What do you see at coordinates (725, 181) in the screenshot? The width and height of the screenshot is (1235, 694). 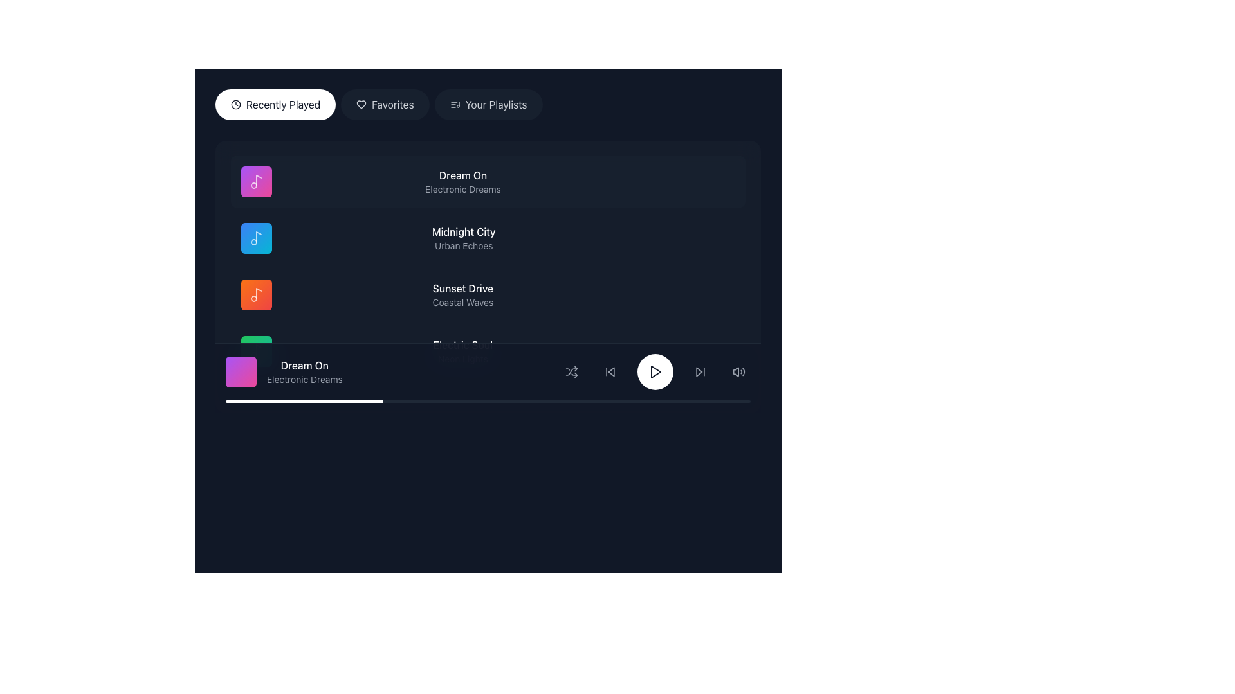 I see `the circular options button with three horizontally aligned gray dots located in the top-right corner of the 'Dream On' song row` at bounding box center [725, 181].